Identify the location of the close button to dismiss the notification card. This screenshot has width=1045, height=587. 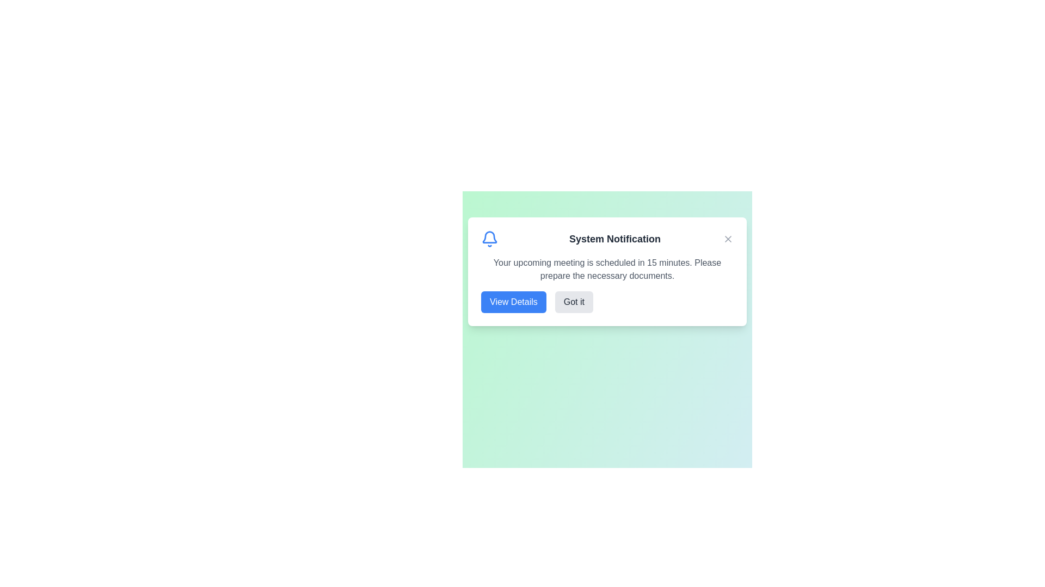
(728, 238).